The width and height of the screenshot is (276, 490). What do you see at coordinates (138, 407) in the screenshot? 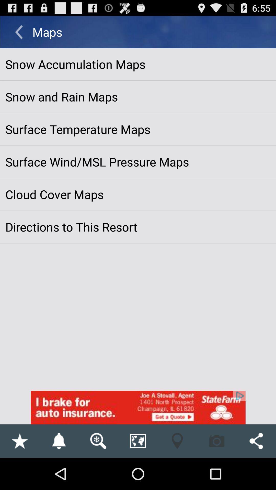
I see `open advertisement` at bounding box center [138, 407].